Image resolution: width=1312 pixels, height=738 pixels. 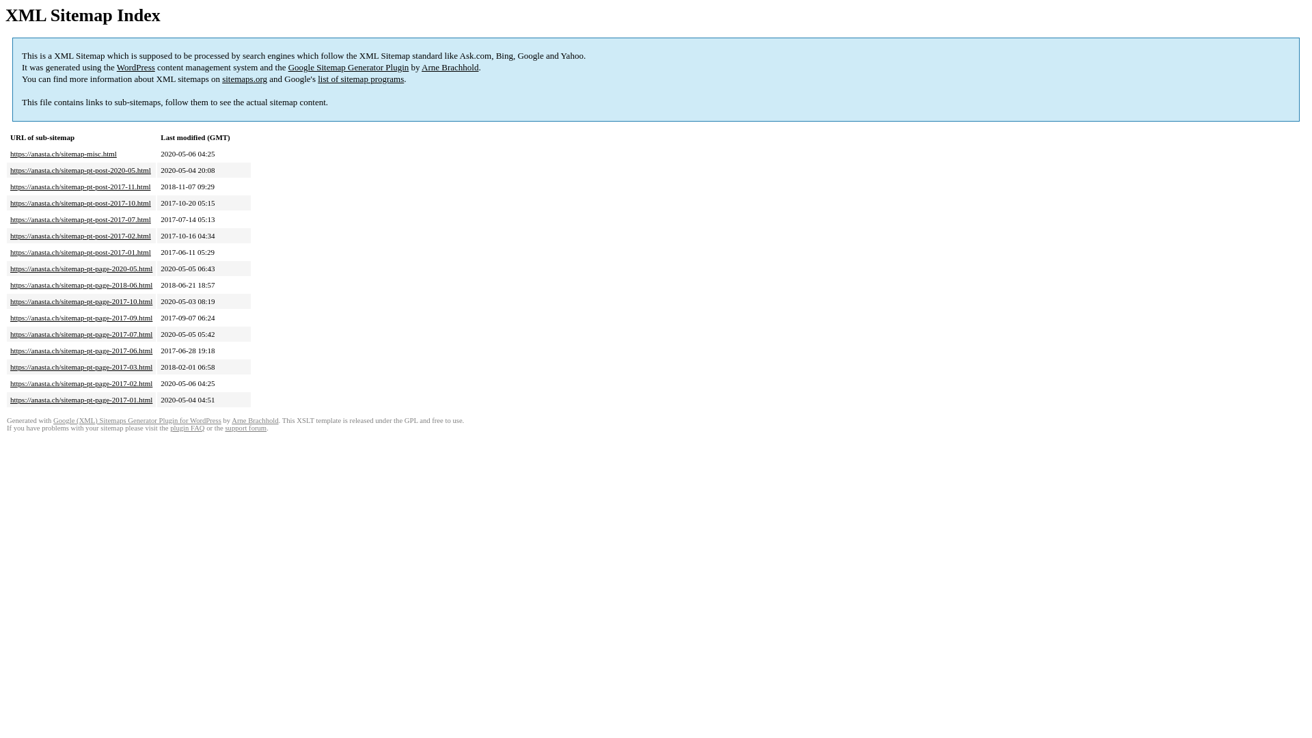 What do you see at coordinates (421, 67) in the screenshot?
I see `'Arne Brachhold'` at bounding box center [421, 67].